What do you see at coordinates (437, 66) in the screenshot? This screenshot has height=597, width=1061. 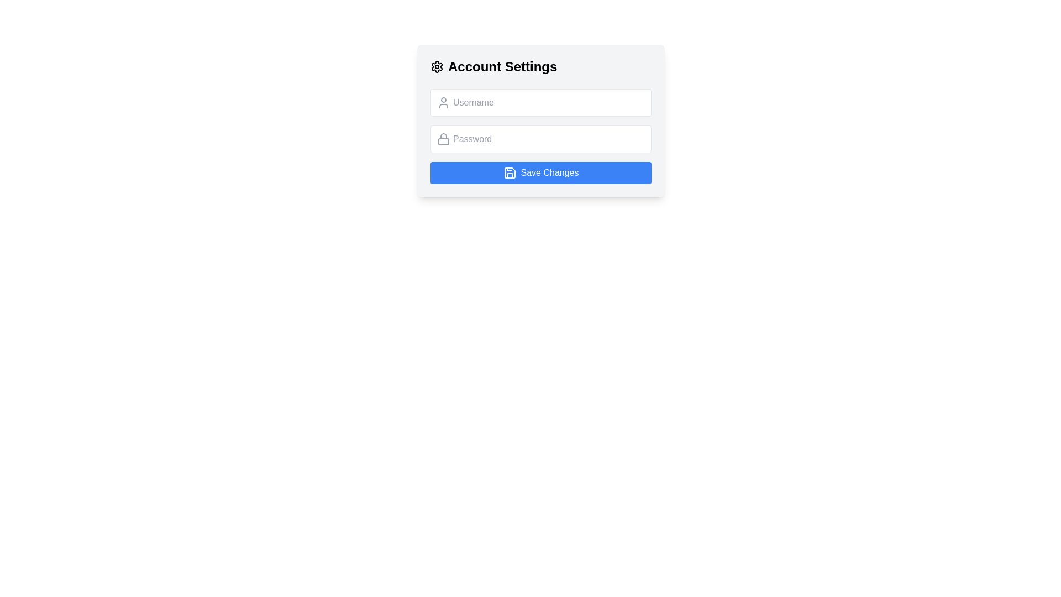 I see `the settings icon represented by a gear symbol located to the left of the 'Account Settings' text label` at bounding box center [437, 66].